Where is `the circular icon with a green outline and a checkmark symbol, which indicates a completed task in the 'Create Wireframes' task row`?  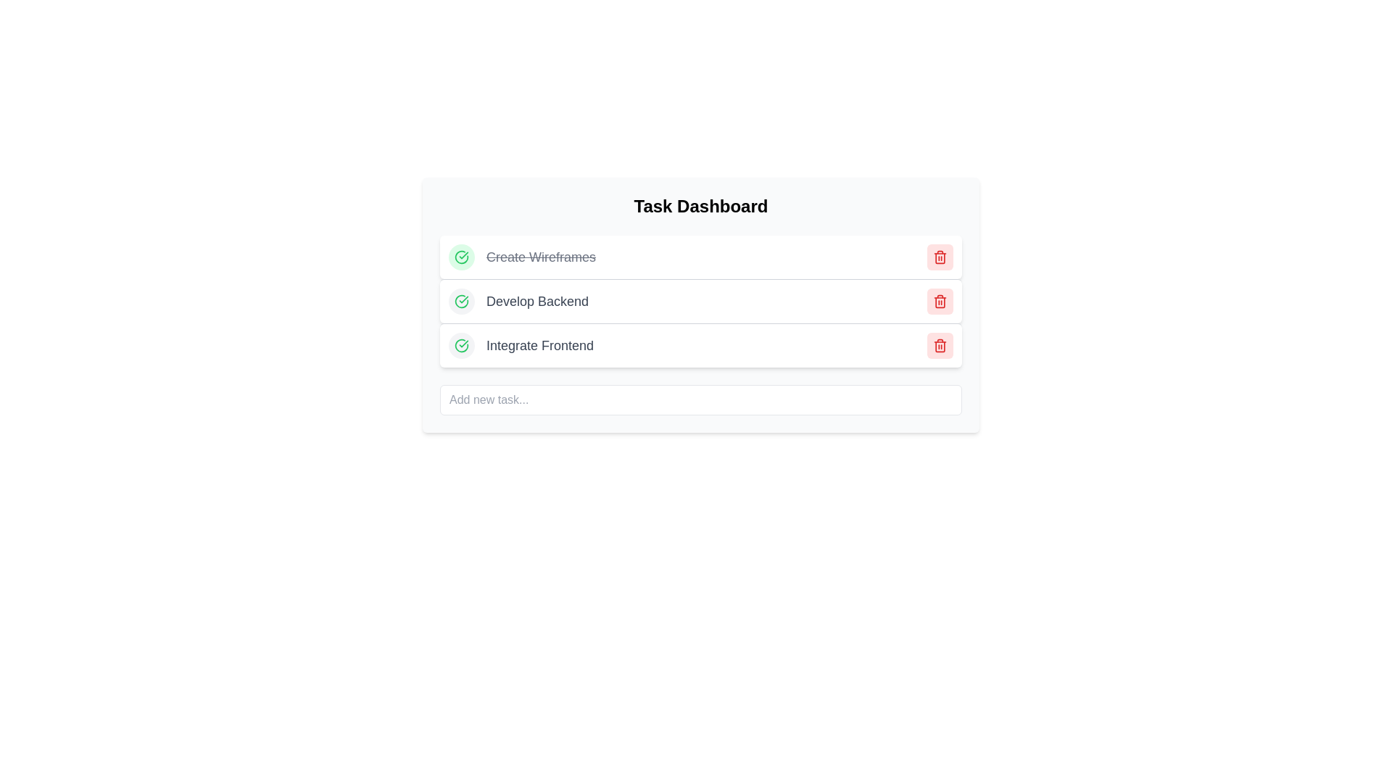
the circular icon with a green outline and a checkmark symbol, which indicates a completed task in the 'Create Wireframes' task row is located at coordinates (461, 346).